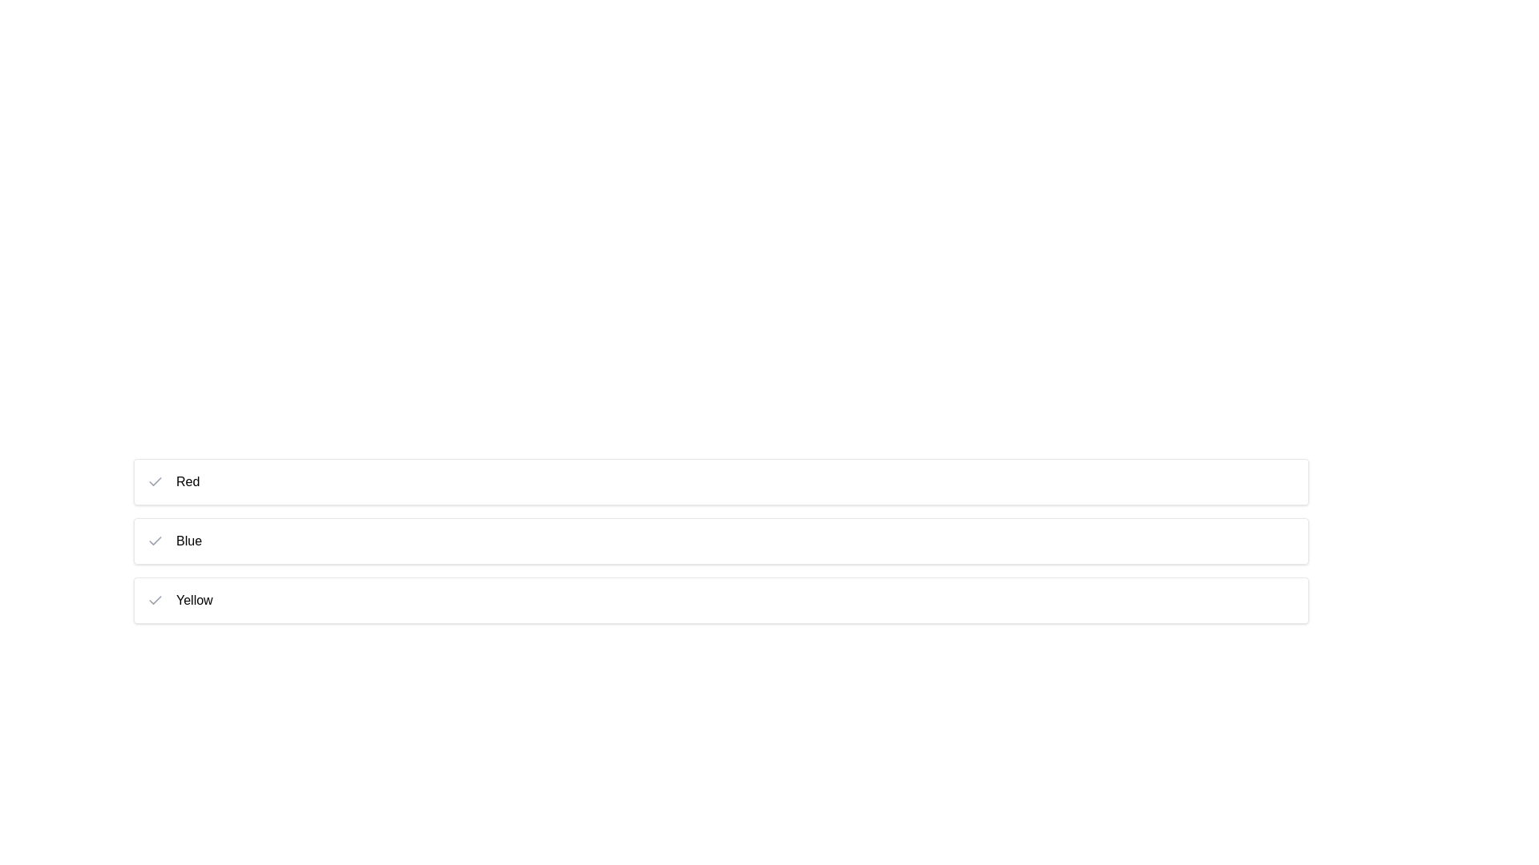 Image resolution: width=1539 pixels, height=865 pixels. Describe the element at coordinates (155, 481) in the screenshot. I see `the vector graphic element that indicates selection or affirmation, positioned to the left of the text labeled 'Red'` at that location.